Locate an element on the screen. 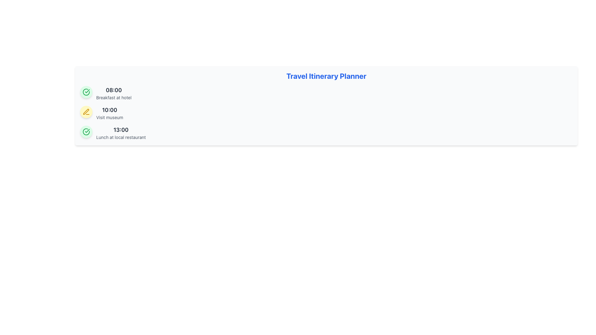 Image resolution: width=596 pixels, height=335 pixels. the upper curved line segment of the checklist icon, which has a green stroke and is located near the green circular background, aligning with '13:00' and 'Lunch at local restaurant' is located at coordinates (86, 131).